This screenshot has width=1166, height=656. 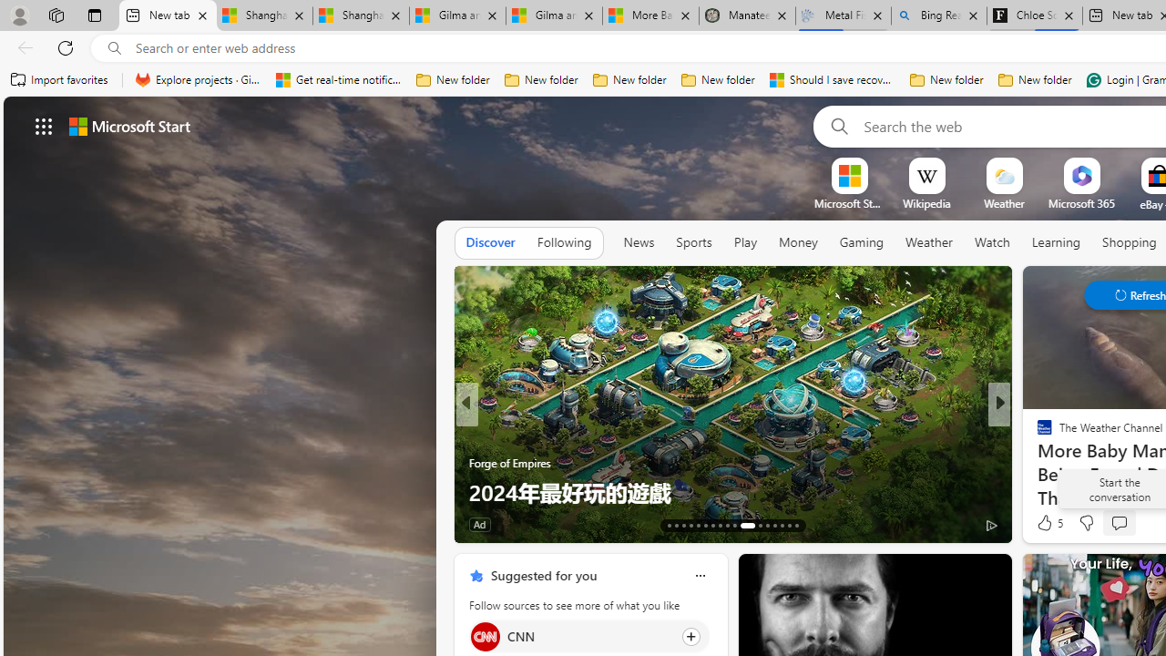 What do you see at coordinates (699, 576) in the screenshot?
I see `'Class: icon-img'` at bounding box center [699, 576].